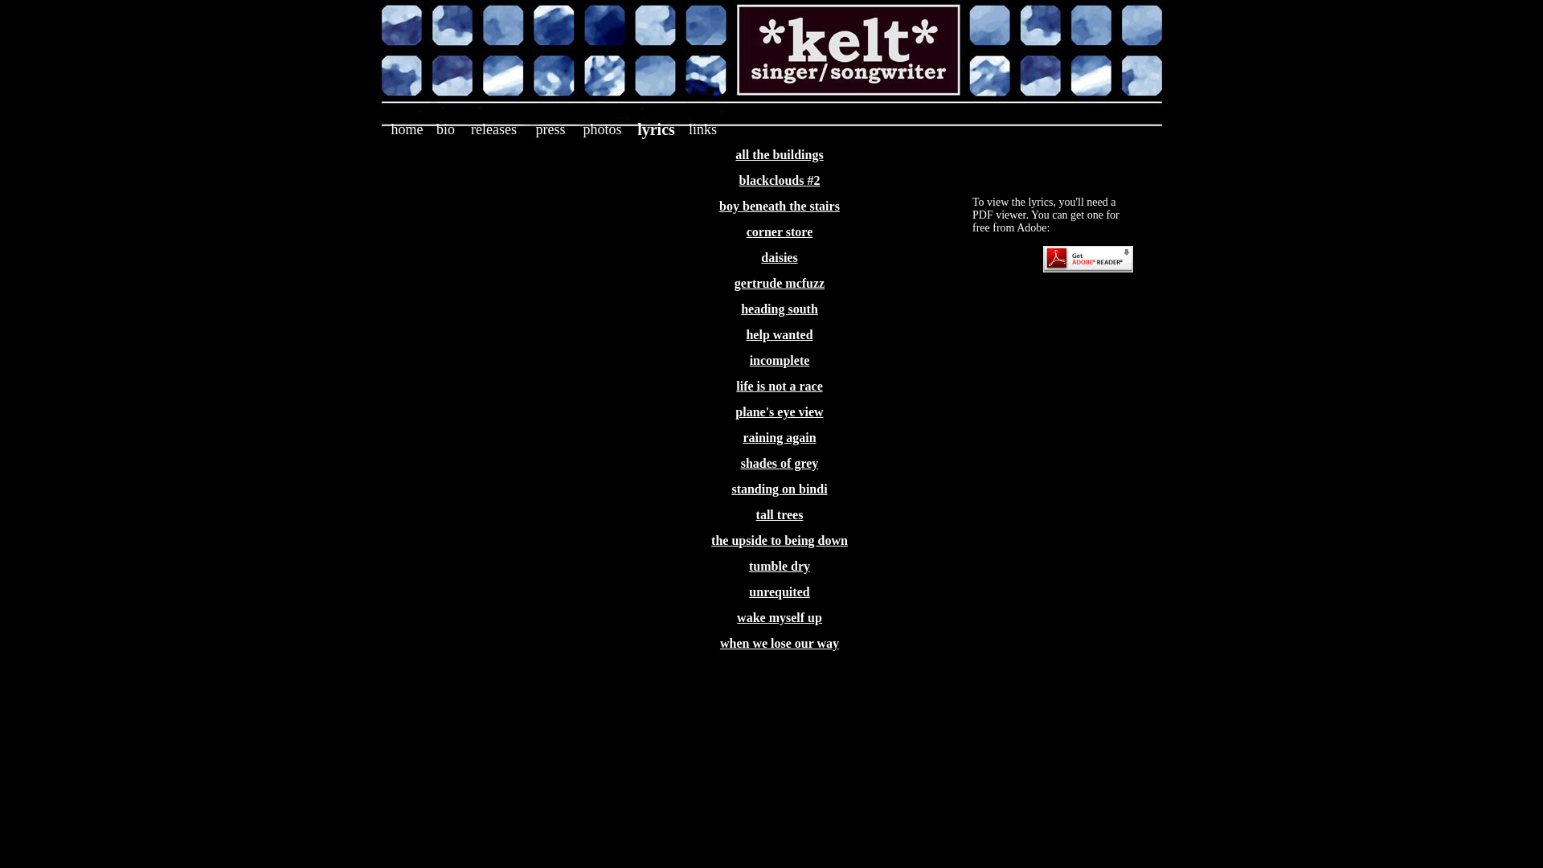  What do you see at coordinates (779, 488) in the screenshot?
I see `'standing on bindi'` at bounding box center [779, 488].